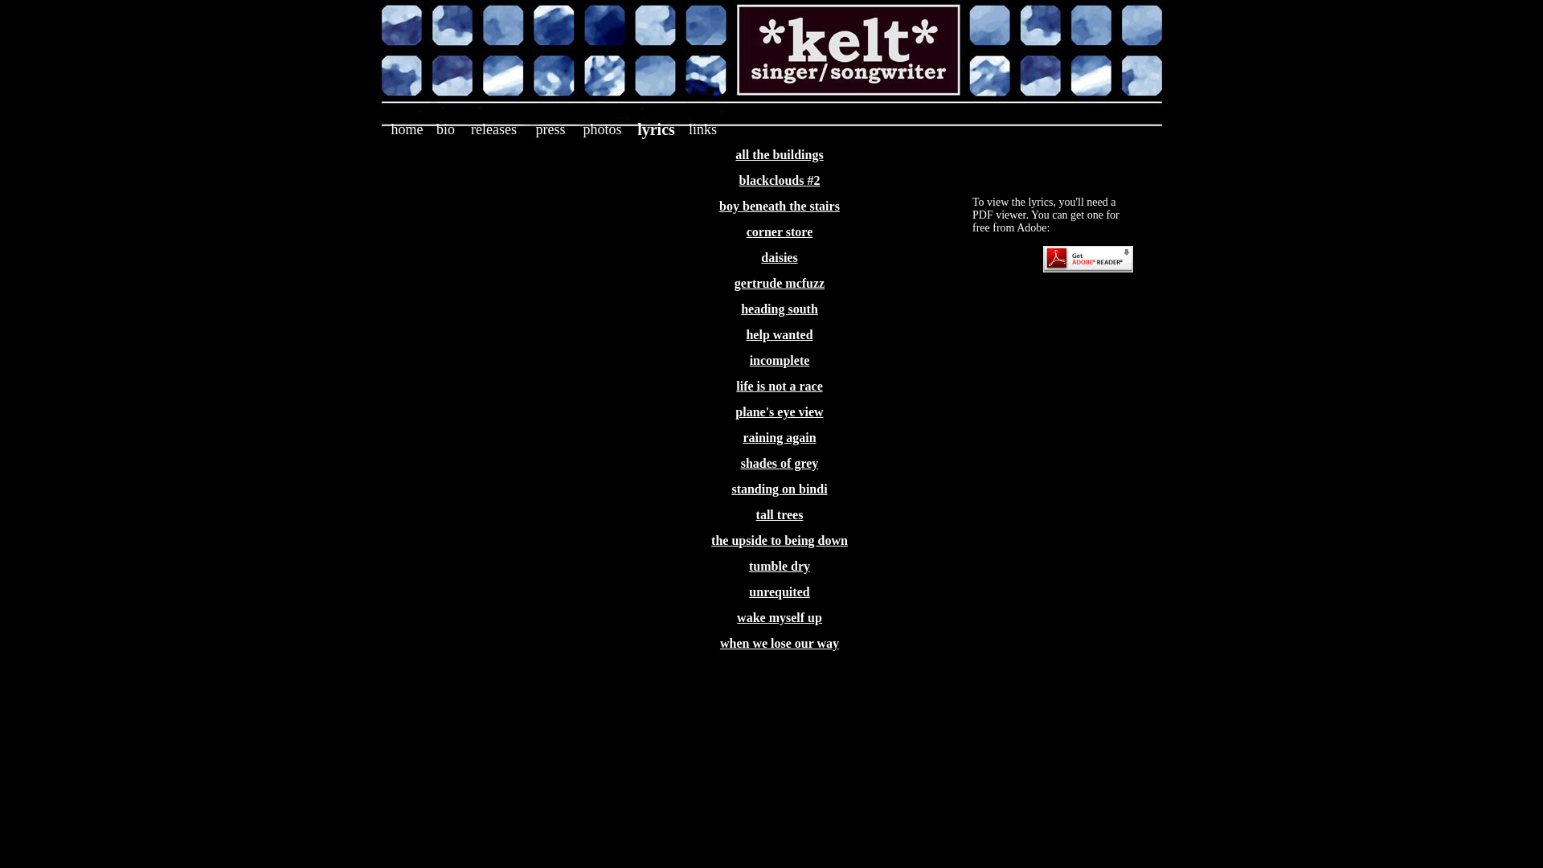  What do you see at coordinates (779, 488) in the screenshot?
I see `'standing on bindi'` at bounding box center [779, 488].